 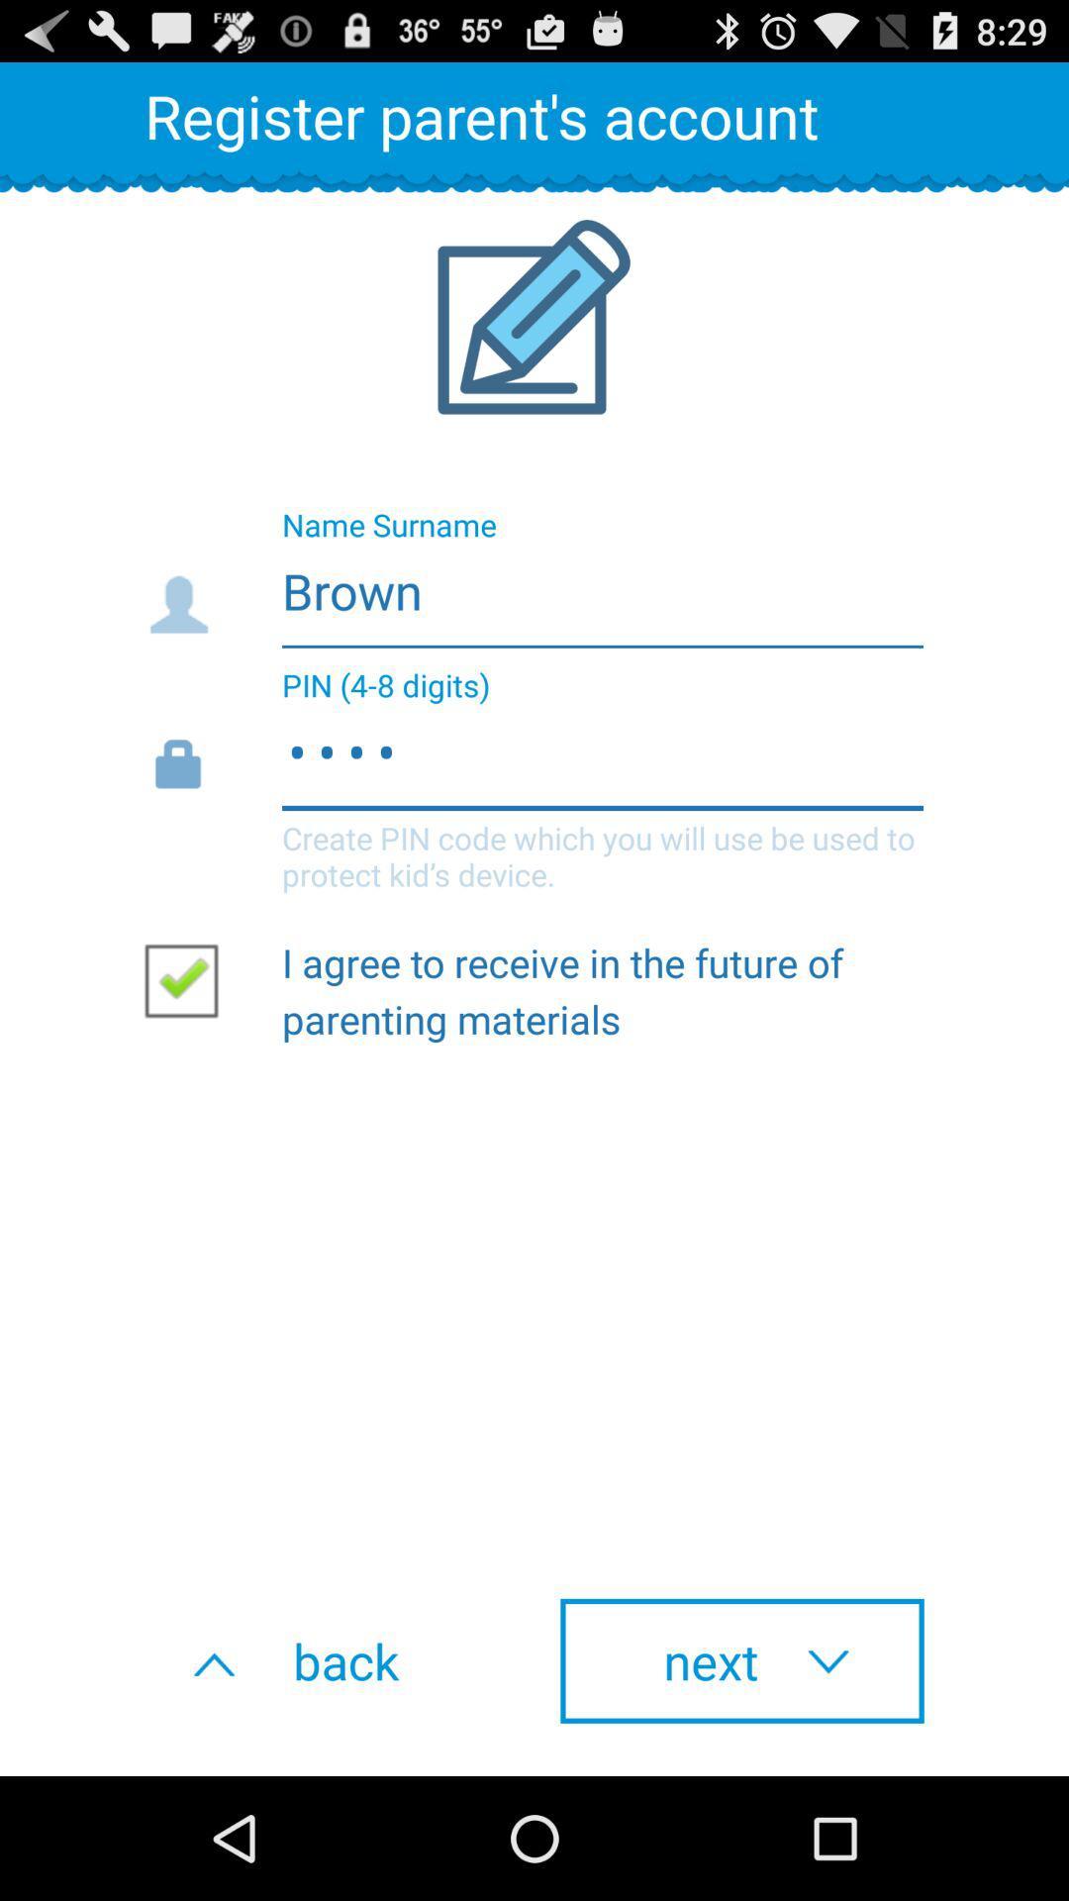 I want to click on item to the left of i agree to icon, so click(x=189, y=979).